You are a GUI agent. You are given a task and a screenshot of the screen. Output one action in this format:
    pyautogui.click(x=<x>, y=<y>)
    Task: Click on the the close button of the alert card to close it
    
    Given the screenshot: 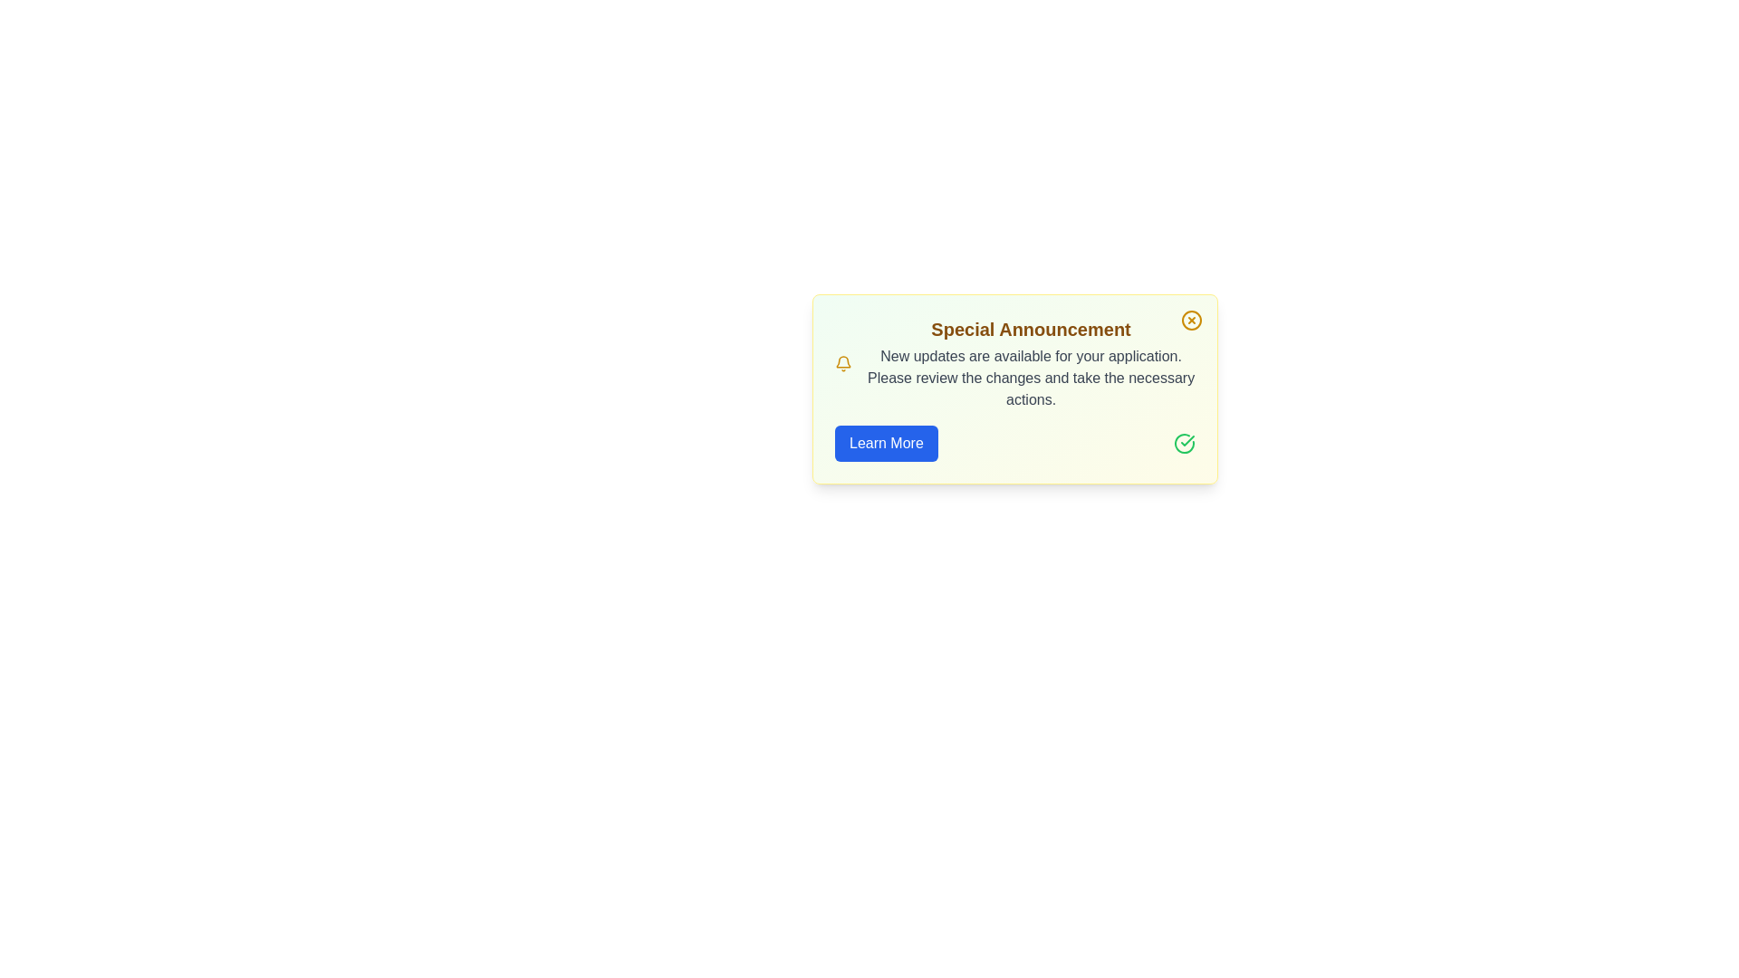 What is the action you would take?
    pyautogui.click(x=1191, y=320)
    